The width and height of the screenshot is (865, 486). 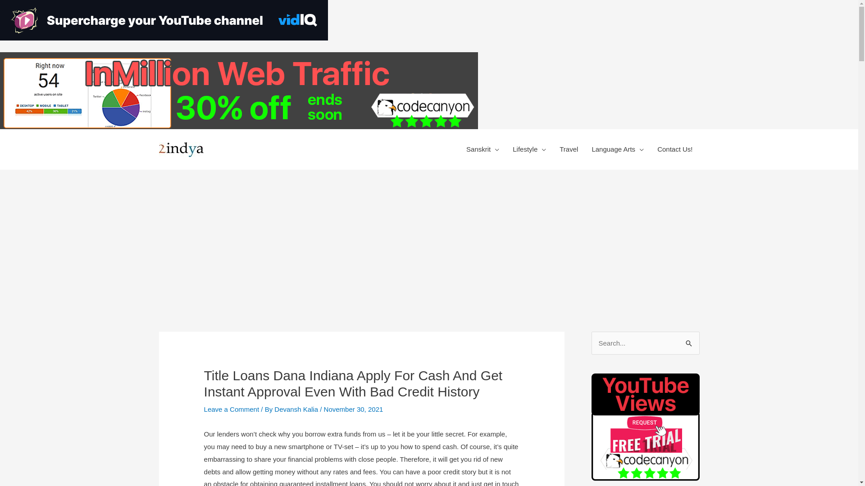 I want to click on 'Devansh Kalia', so click(x=274, y=409).